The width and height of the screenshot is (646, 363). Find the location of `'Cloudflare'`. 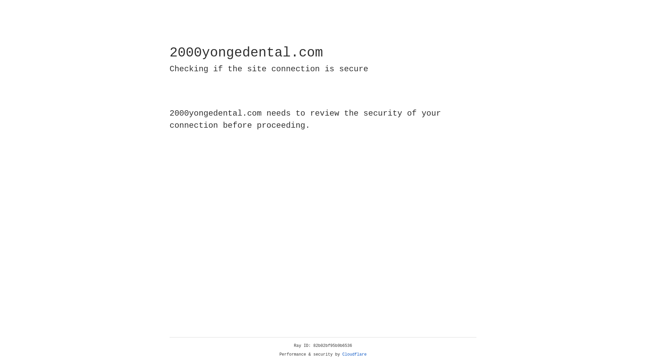

'Cloudflare' is located at coordinates (354, 354).